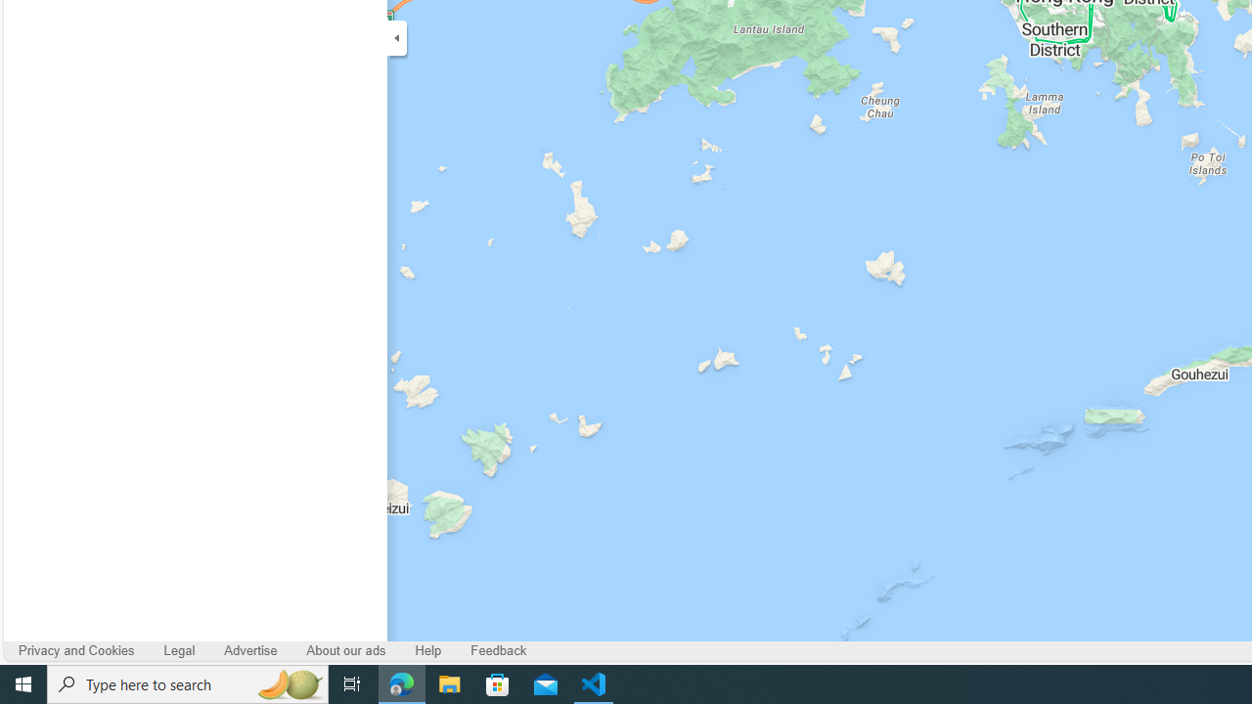 The width and height of the screenshot is (1252, 704). What do you see at coordinates (427, 651) in the screenshot?
I see `'Help'` at bounding box center [427, 651].